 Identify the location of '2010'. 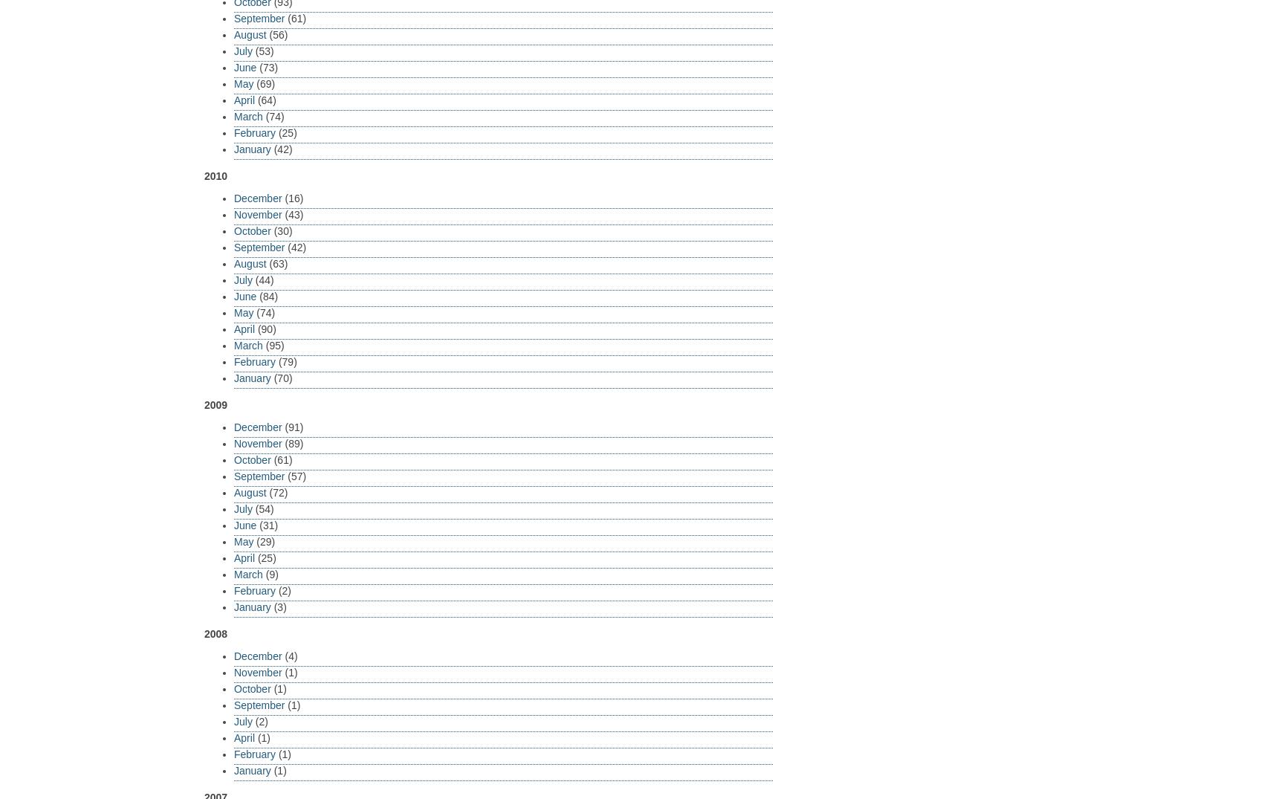
(204, 174).